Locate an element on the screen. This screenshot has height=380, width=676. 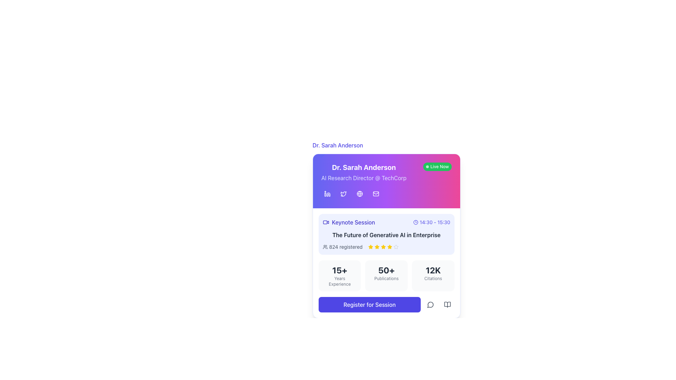
the Twitter icon located in the left-middle of the purple header section of the card is located at coordinates (343, 194).